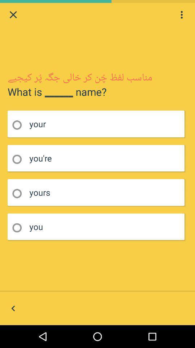  Describe the element at coordinates (181, 15) in the screenshot. I see `the more icon` at that location.